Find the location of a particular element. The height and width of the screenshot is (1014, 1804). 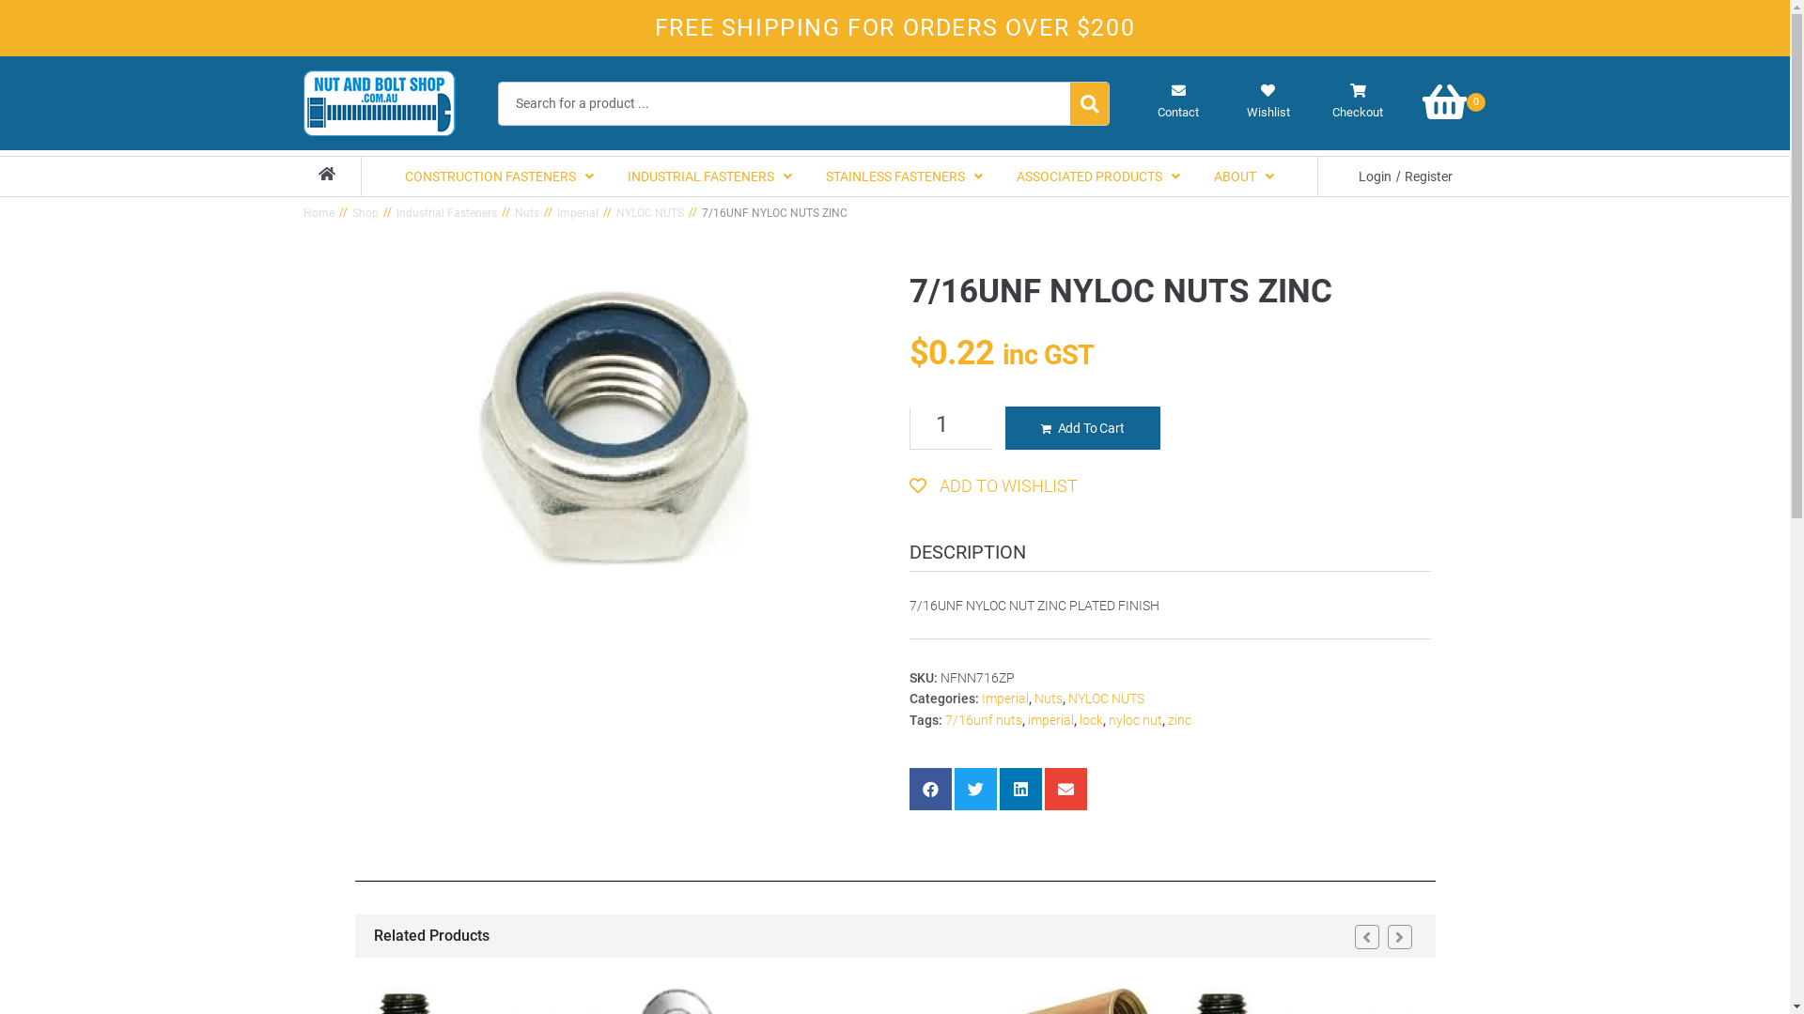

'ASSOCIATED PRODUCTS' is located at coordinates (1098, 177).